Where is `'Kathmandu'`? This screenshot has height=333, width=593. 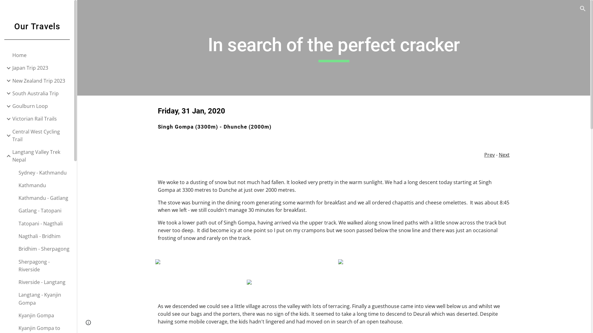 'Kathmandu' is located at coordinates (44, 185).